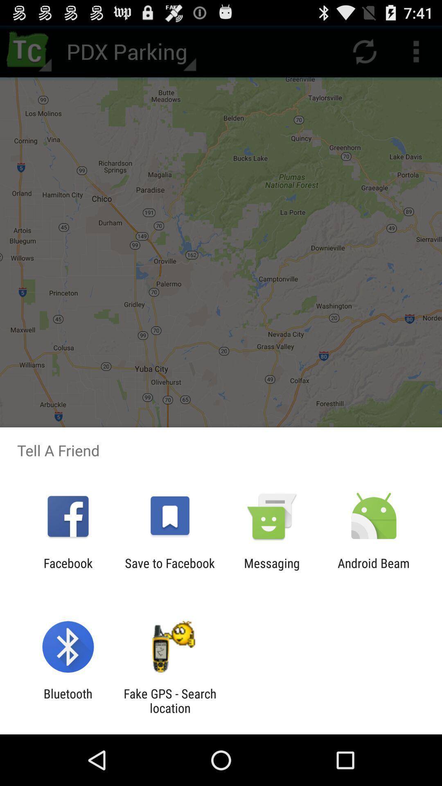  What do you see at coordinates (374, 570) in the screenshot?
I see `the icon at the bottom right corner` at bounding box center [374, 570].